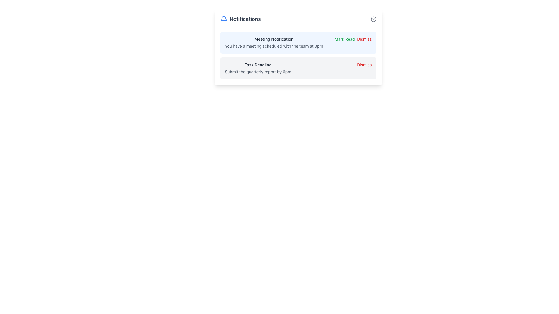 The width and height of the screenshot is (559, 314). Describe the element at coordinates (258, 71) in the screenshot. I see `the static text that conveys a notification message specifying an action deadline, located in the notifications area under the 'Task Deadline' section` at that location.